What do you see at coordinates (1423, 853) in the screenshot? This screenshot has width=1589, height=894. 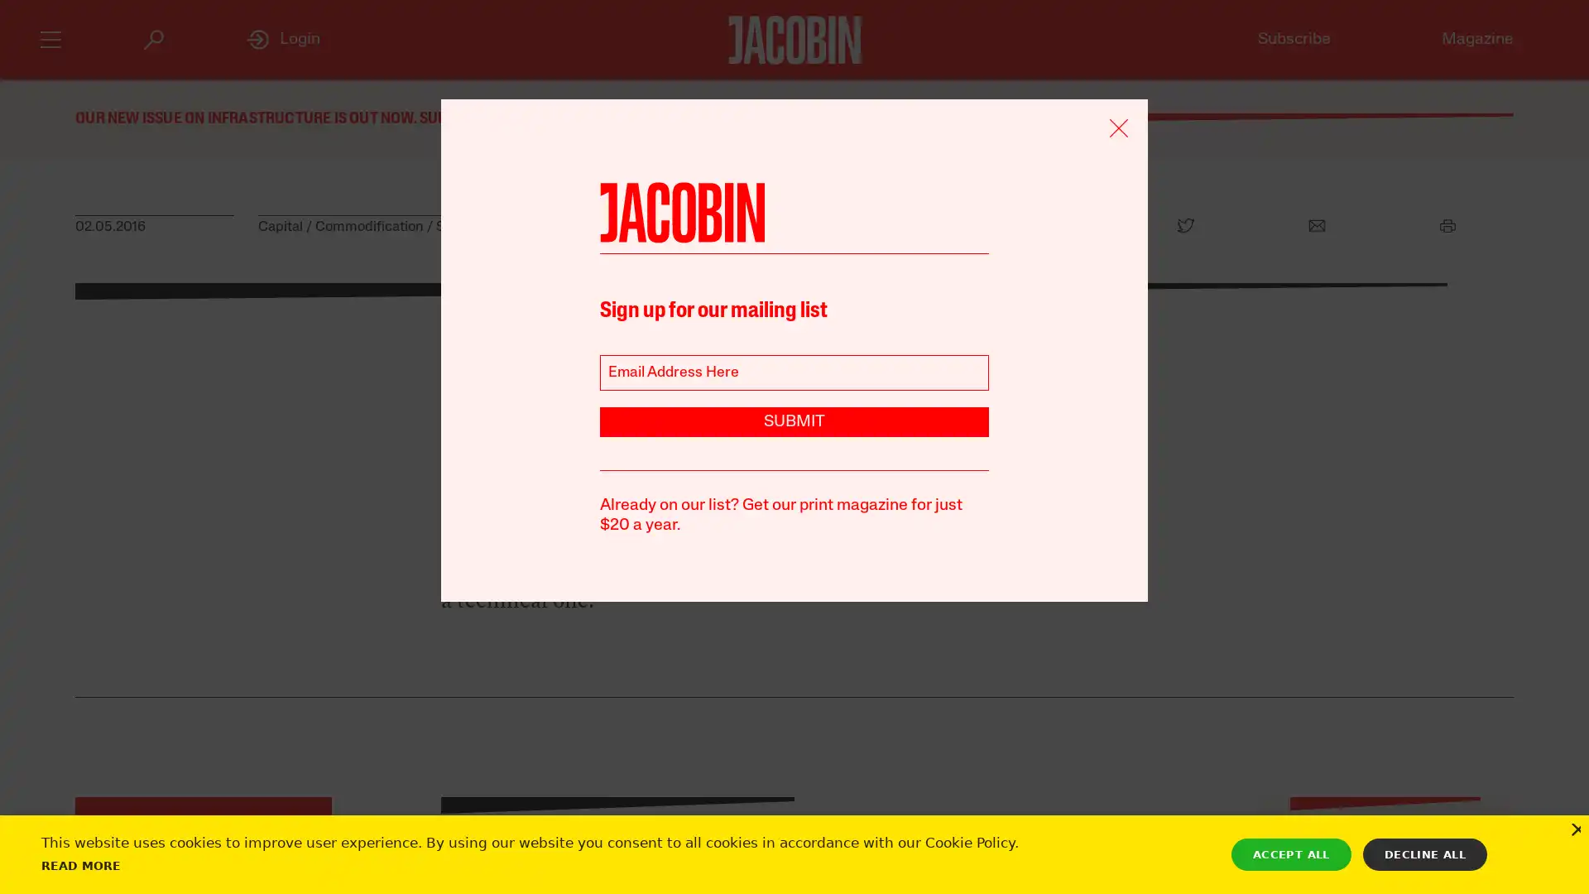 I see `DECLINE ALL` at bounding box center [1423, 853].